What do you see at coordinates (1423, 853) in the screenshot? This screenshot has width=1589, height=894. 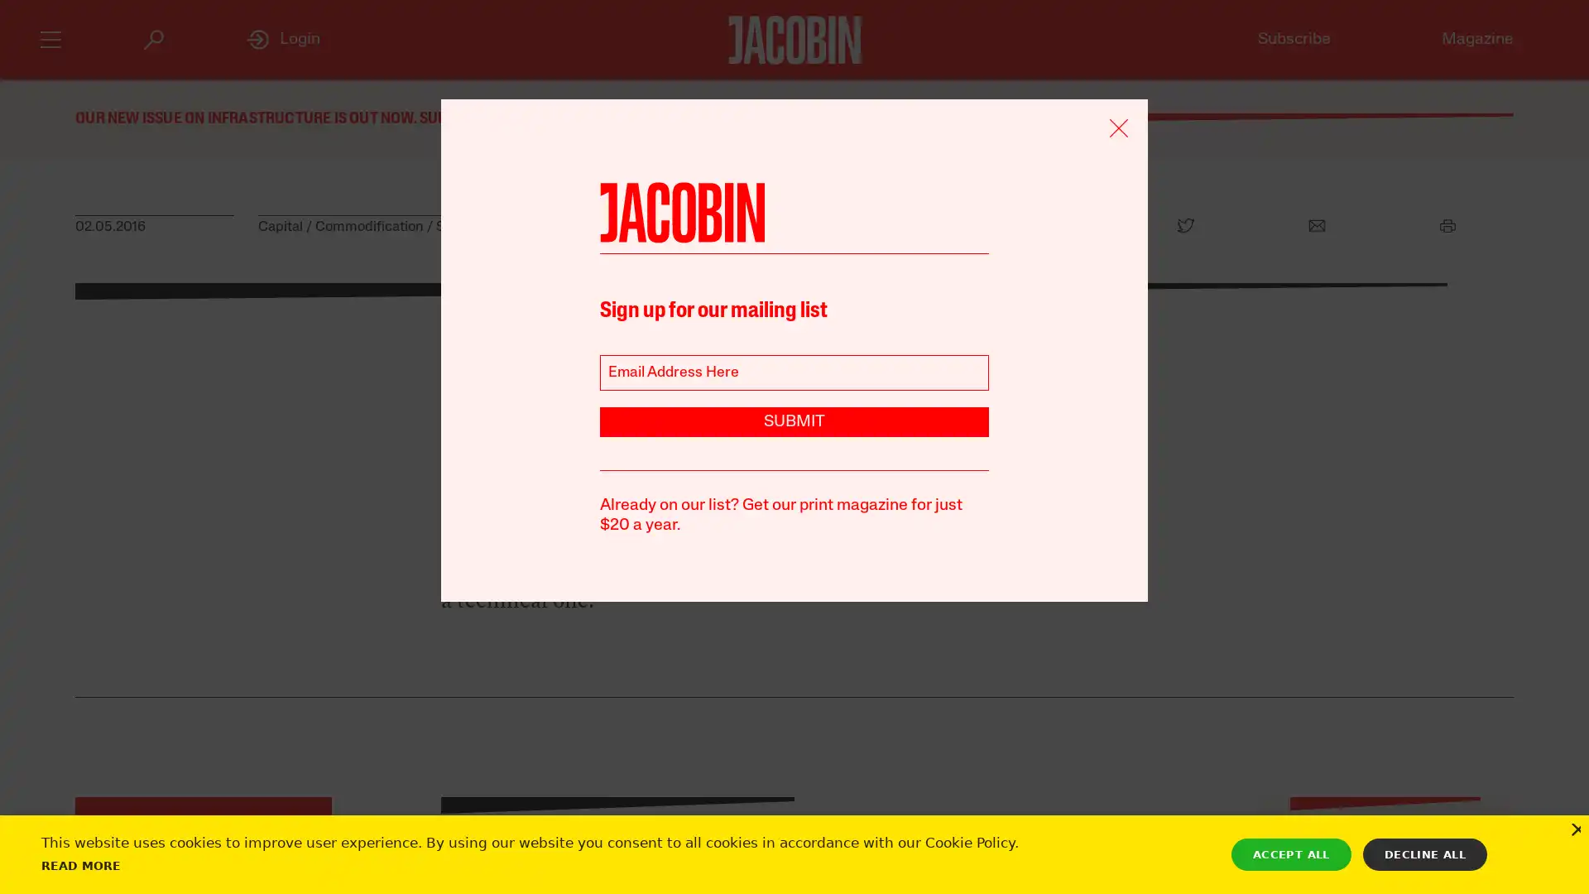 I see `DECLINE ALL` at bounding box center [1423, 853].